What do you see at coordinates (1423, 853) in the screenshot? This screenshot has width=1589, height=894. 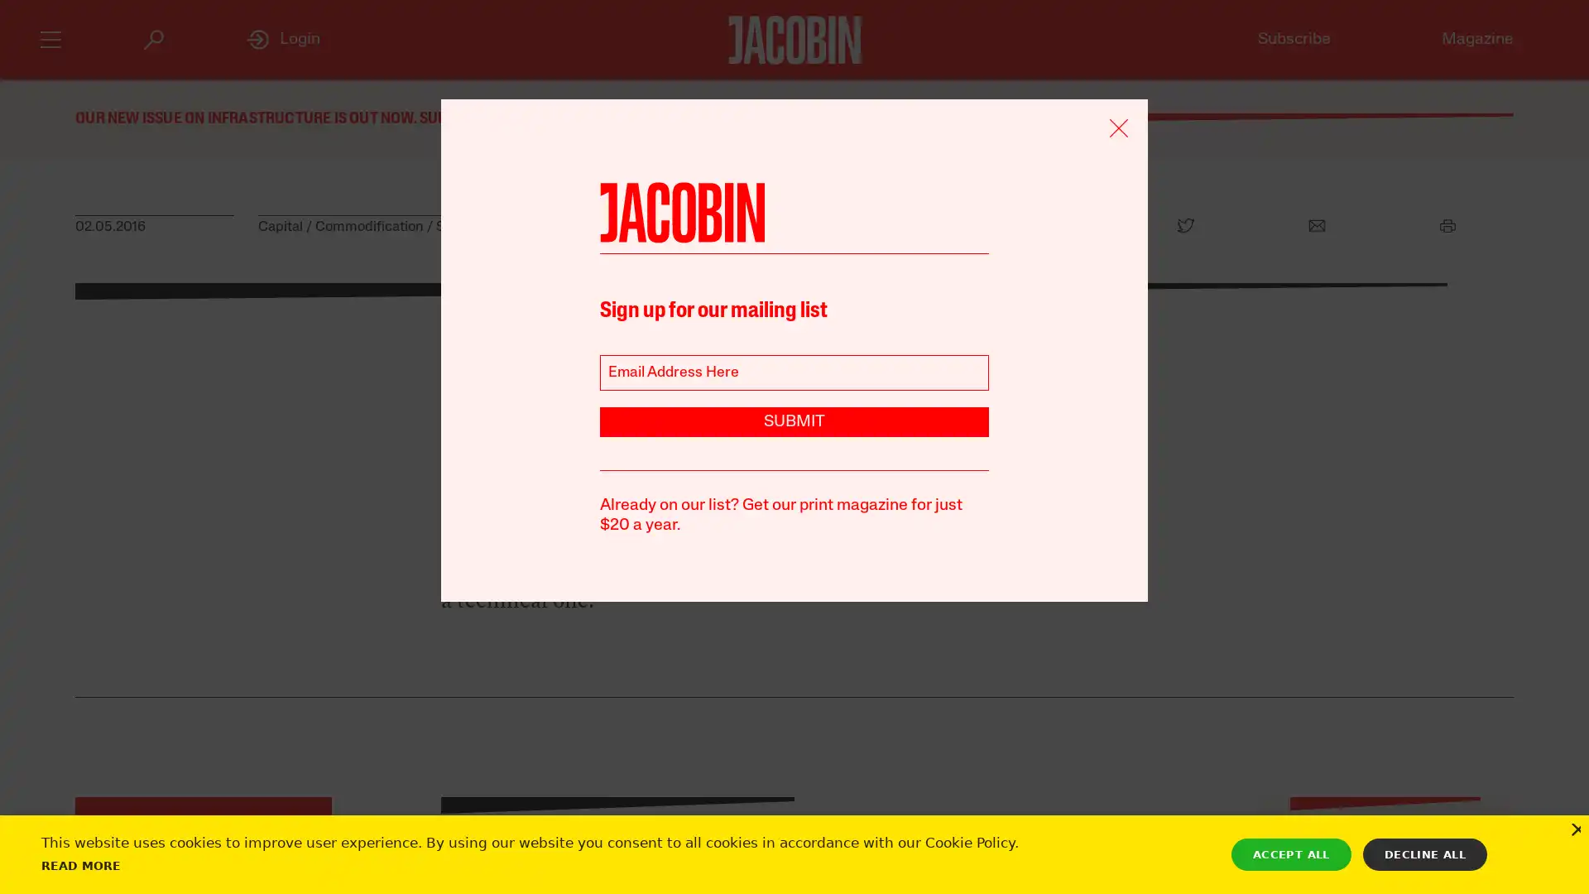 I see `DECLINE ALL` at bounding box center [1423, 853].